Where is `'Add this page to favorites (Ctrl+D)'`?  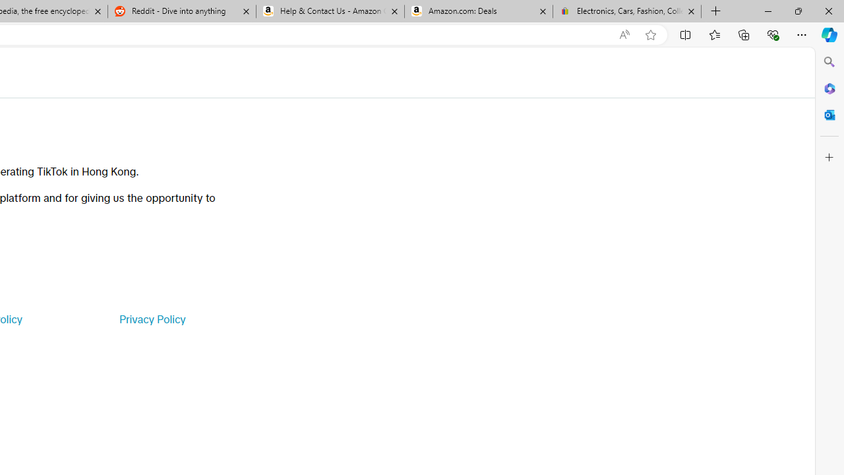 'Add this page to favorites (Ctrl+D)' is located at coordinates (650, 34).